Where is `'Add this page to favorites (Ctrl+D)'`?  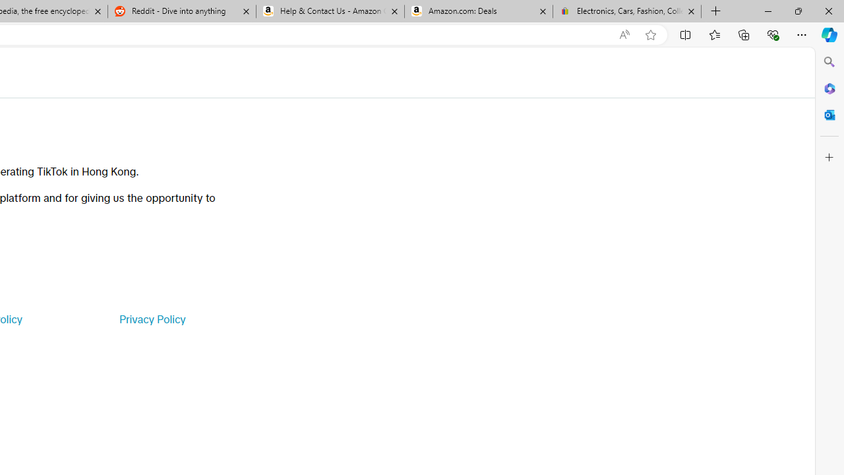 'Add this page to favorites (Ctrl+D)' is located at coordinates (650, 34).